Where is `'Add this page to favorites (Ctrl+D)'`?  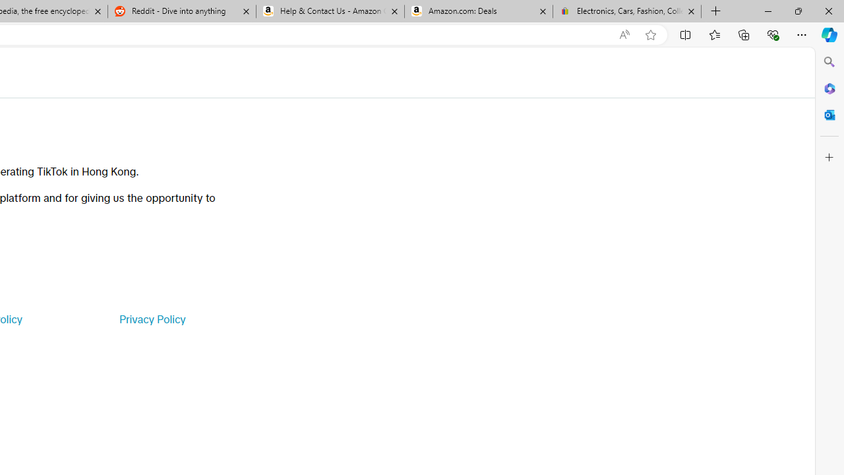 'Add this page to favorites (Ctrl+D)' is located at coordinates (650, 34).